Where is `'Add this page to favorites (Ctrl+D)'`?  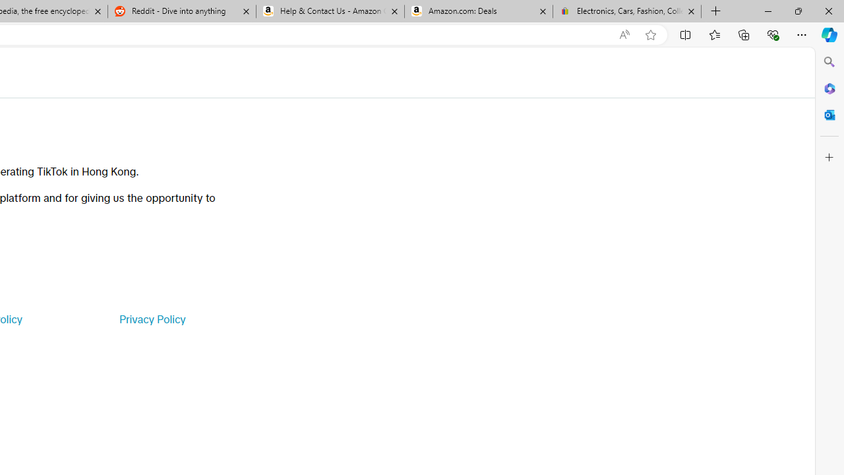 'Add this page to favorites (Ctrl+D)' is located at coordinates (650, 34).